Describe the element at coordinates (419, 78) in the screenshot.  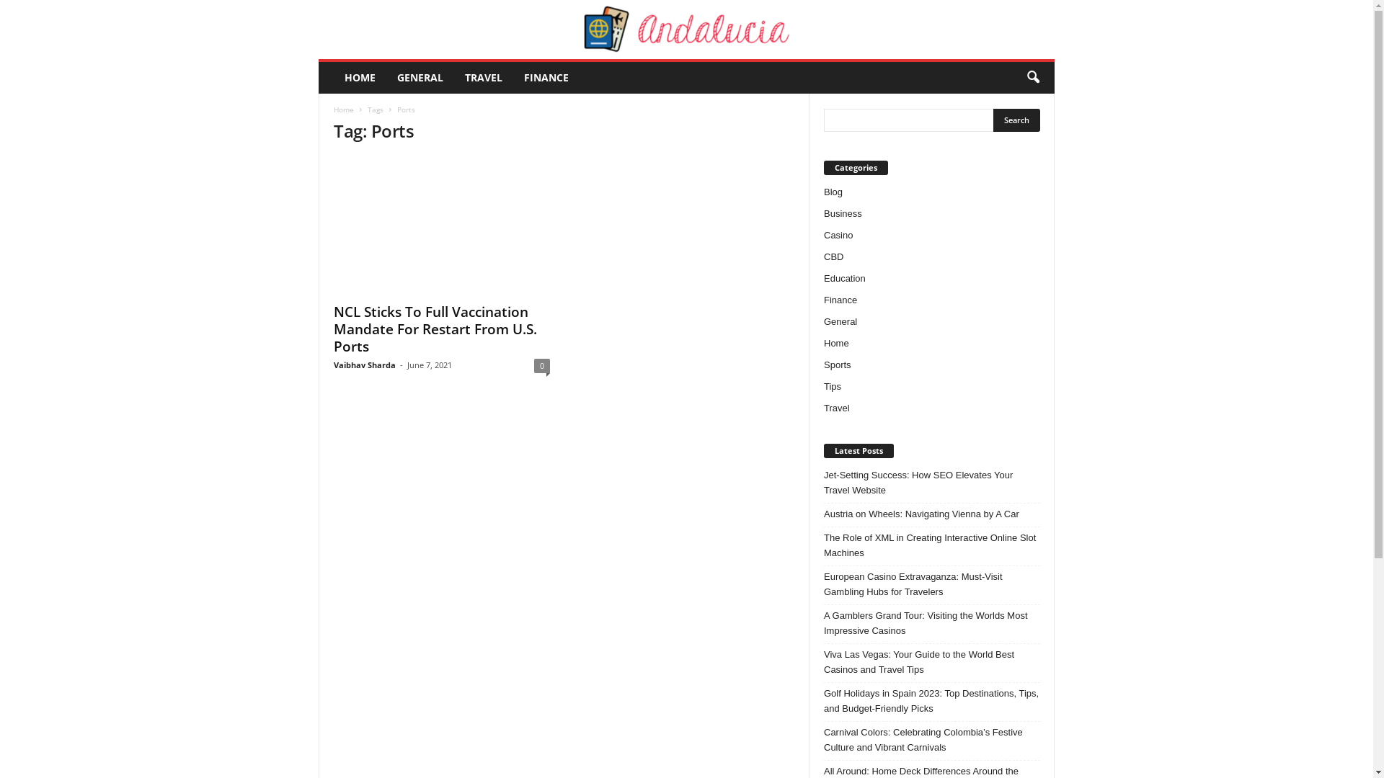
I see `'GENERAL'` at that location.